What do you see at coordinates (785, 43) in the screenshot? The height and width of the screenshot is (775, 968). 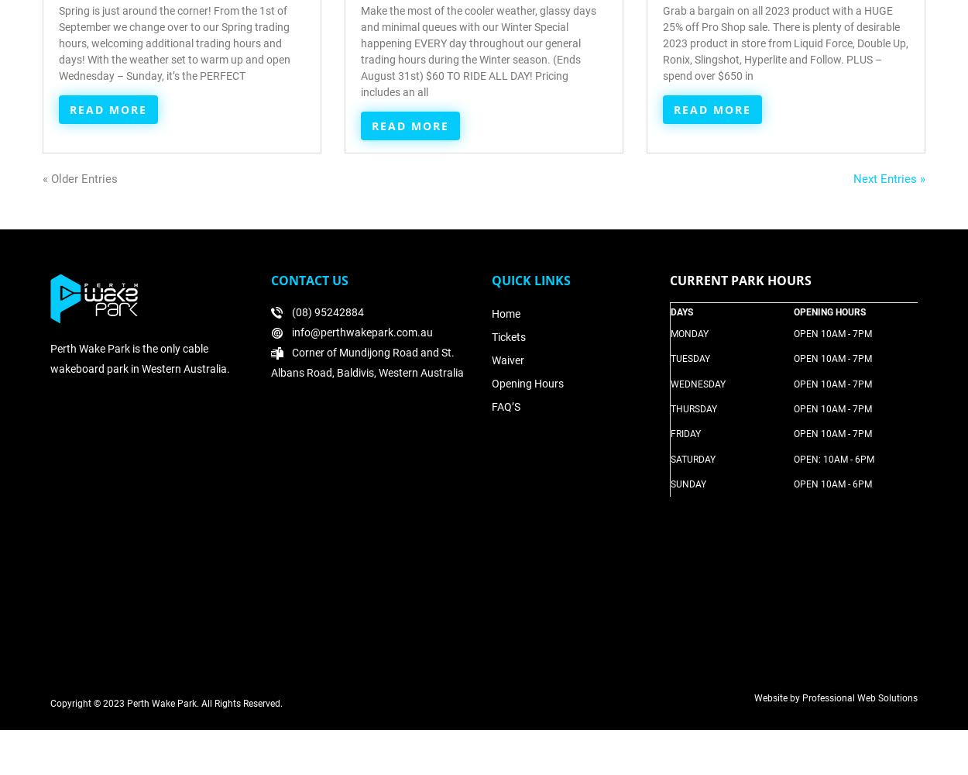 I see `'Grab a bargain on all 2023 product with a HUGE 25% off Pro Shop sale. There is plenty of desirable 2023 product in store from Liquid Force, Double Up, Ronix, Slingshot, Hyperlite and Follow. PLUS – spend over $650 in'` at bounding box center [785, 43].